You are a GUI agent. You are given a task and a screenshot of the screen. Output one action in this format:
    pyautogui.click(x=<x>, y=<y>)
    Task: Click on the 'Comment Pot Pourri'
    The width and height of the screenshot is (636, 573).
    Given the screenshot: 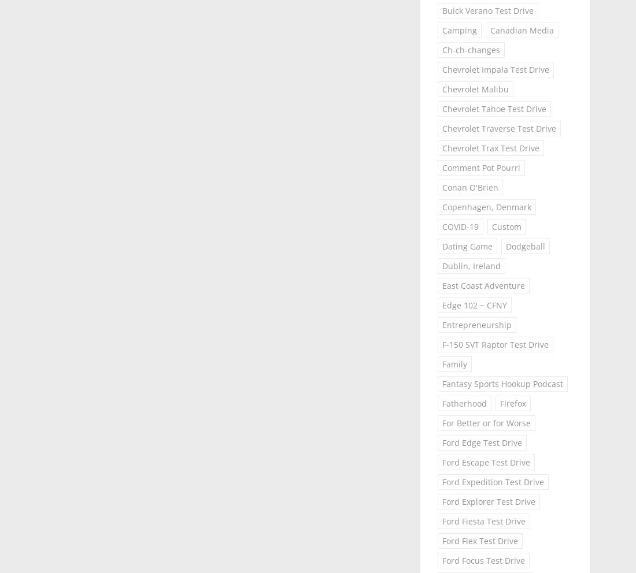 What is the action you would take?
    pyautogui.click(x=480, y=168)
    